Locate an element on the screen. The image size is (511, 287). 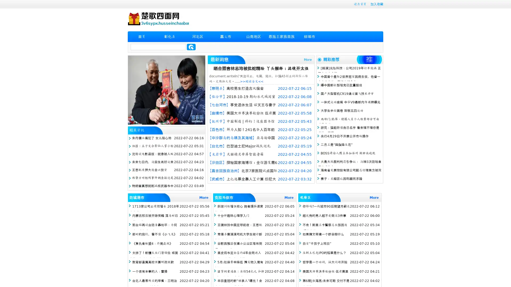
Search is located at coordinates (191, 47).